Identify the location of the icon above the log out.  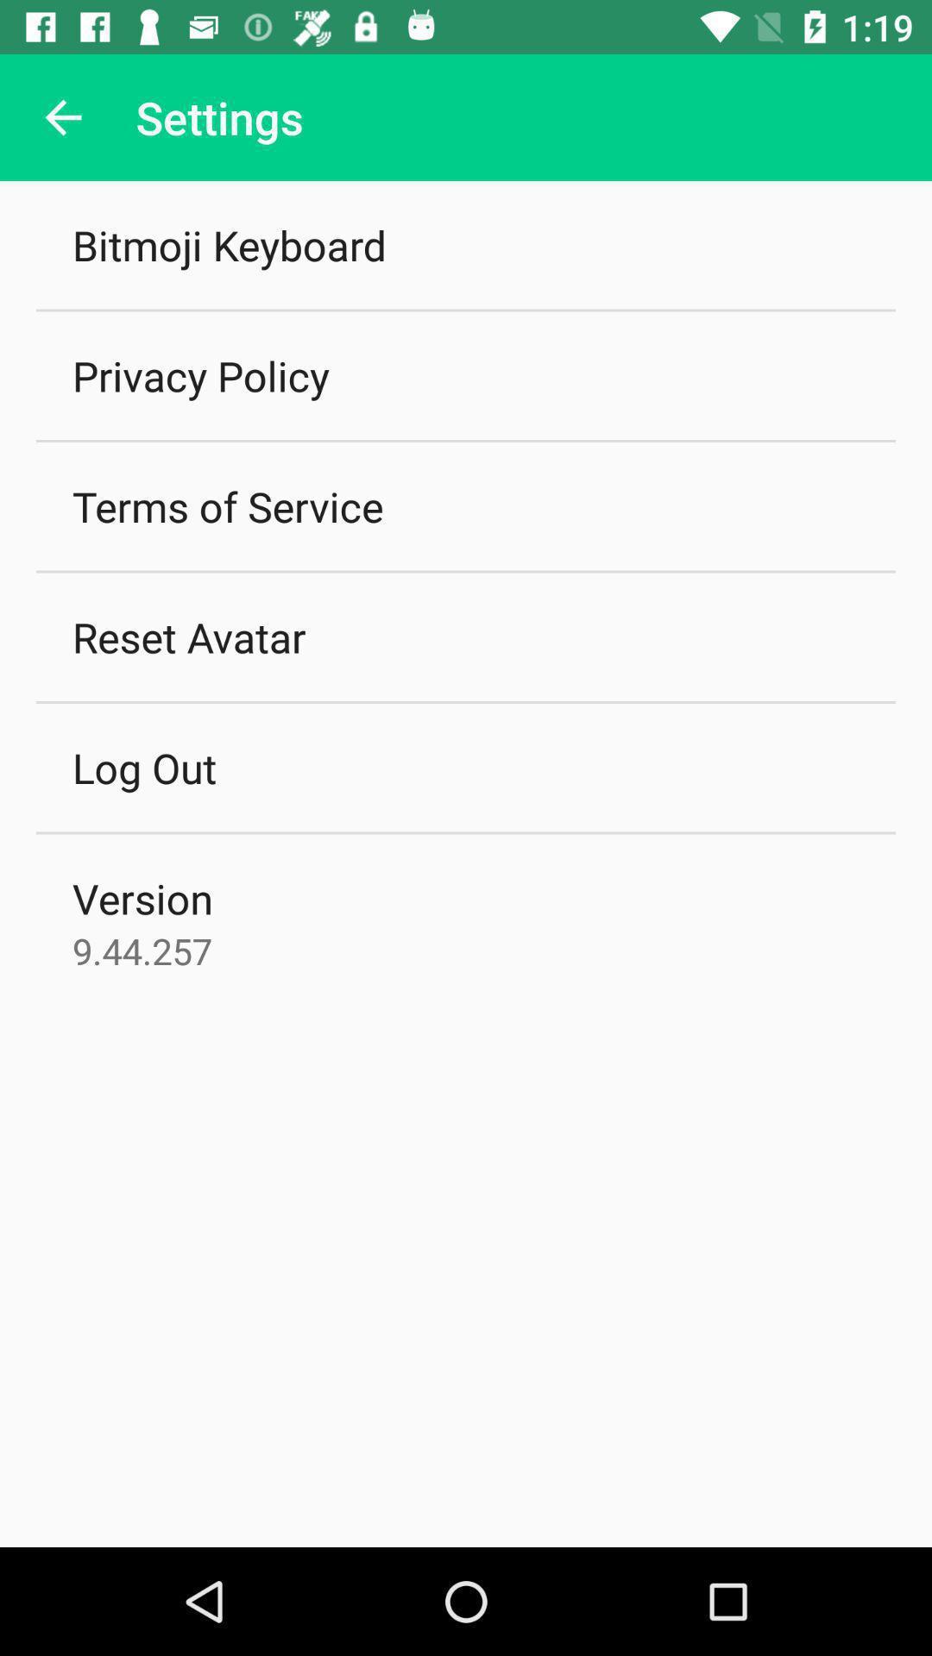
(189, 636).